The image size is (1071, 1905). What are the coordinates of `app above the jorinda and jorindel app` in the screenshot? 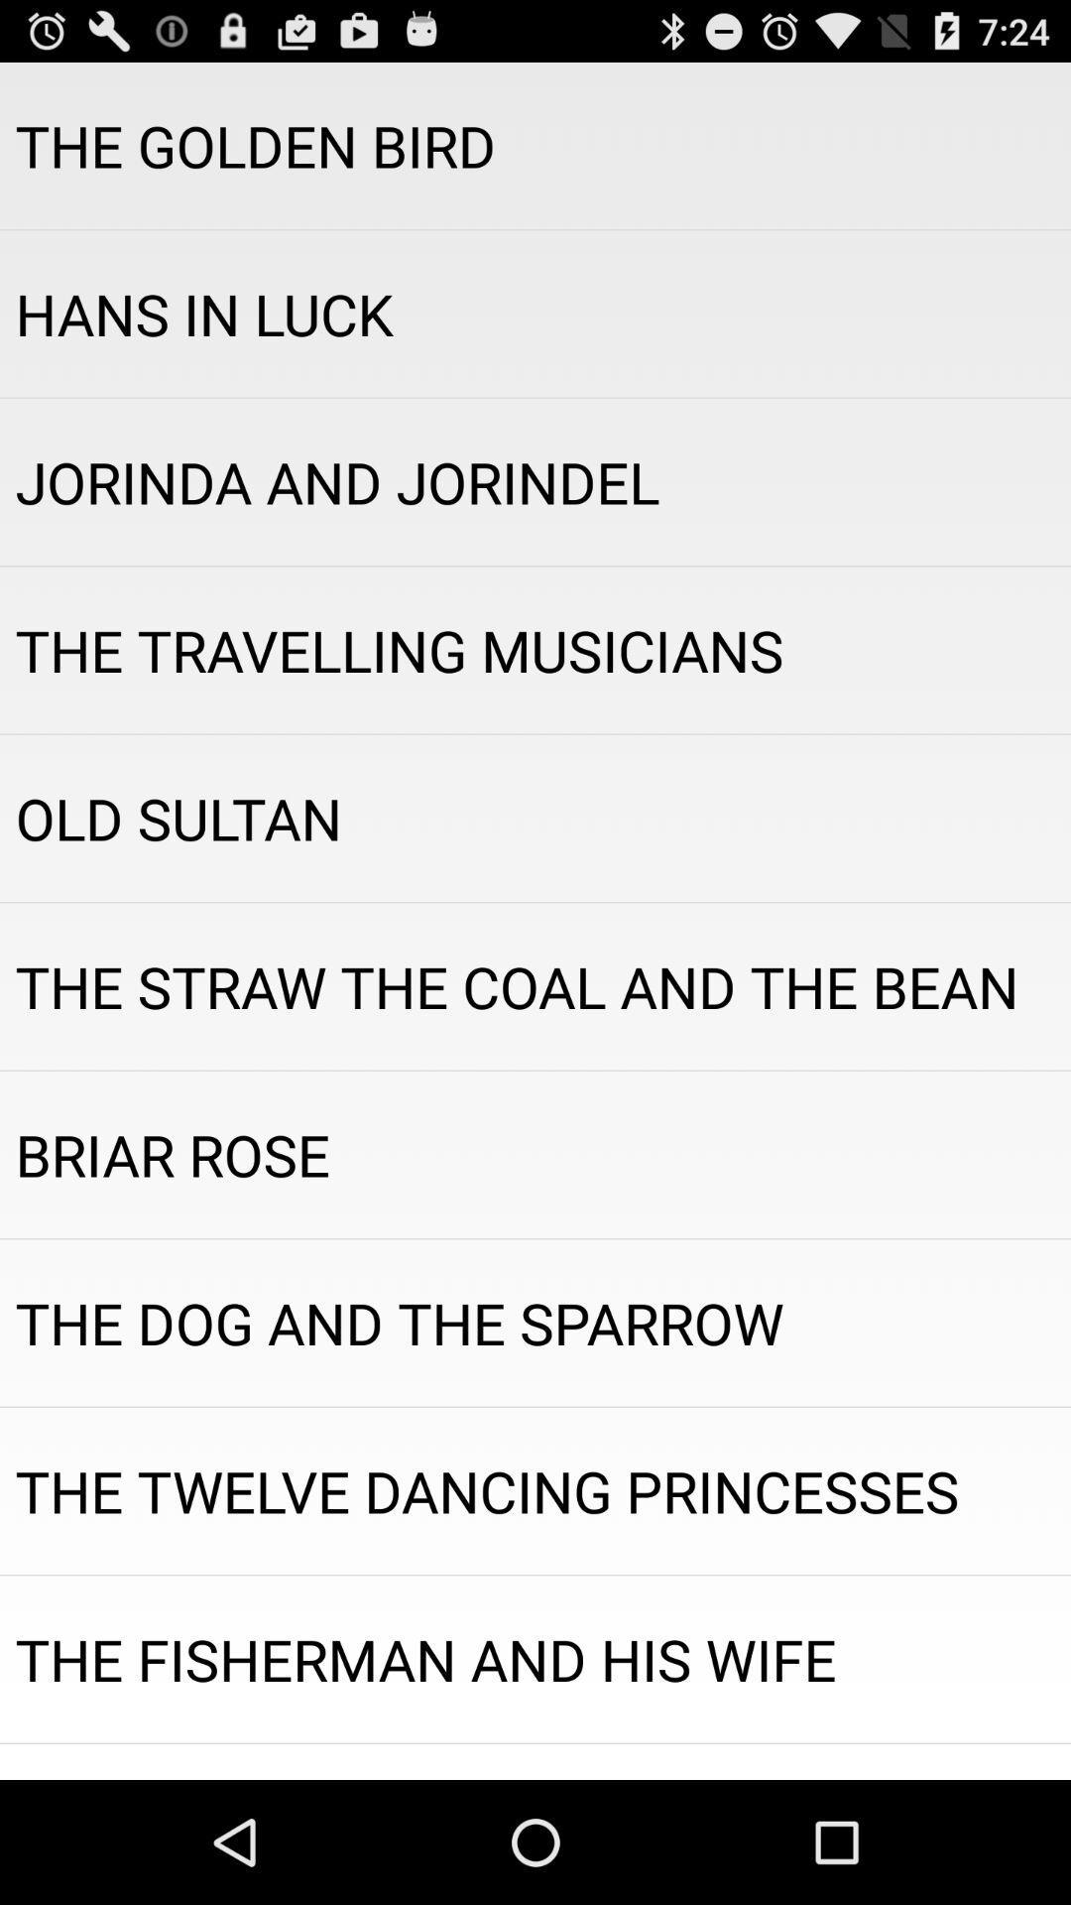 It's located at (535, 313).